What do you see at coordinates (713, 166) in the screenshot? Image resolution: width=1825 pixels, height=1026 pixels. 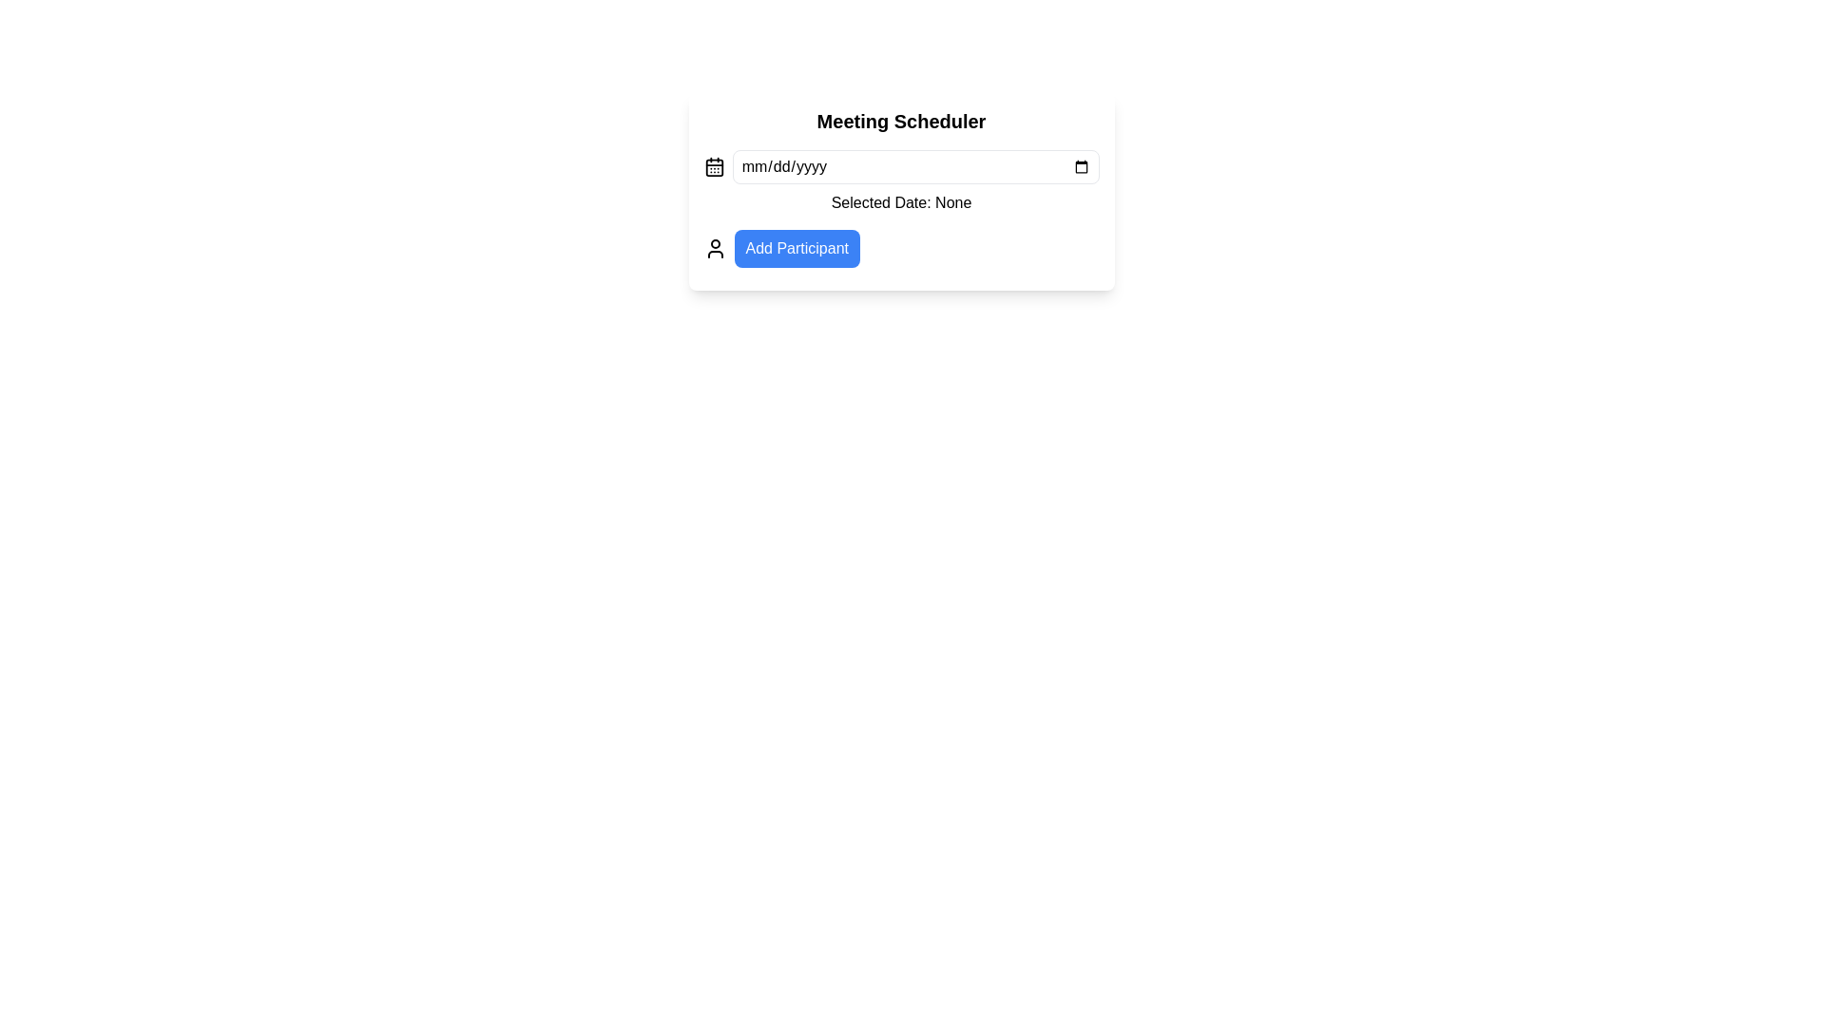 I see `the date picker icon located on the left side of the date input field` at bounding box center [713, 166].